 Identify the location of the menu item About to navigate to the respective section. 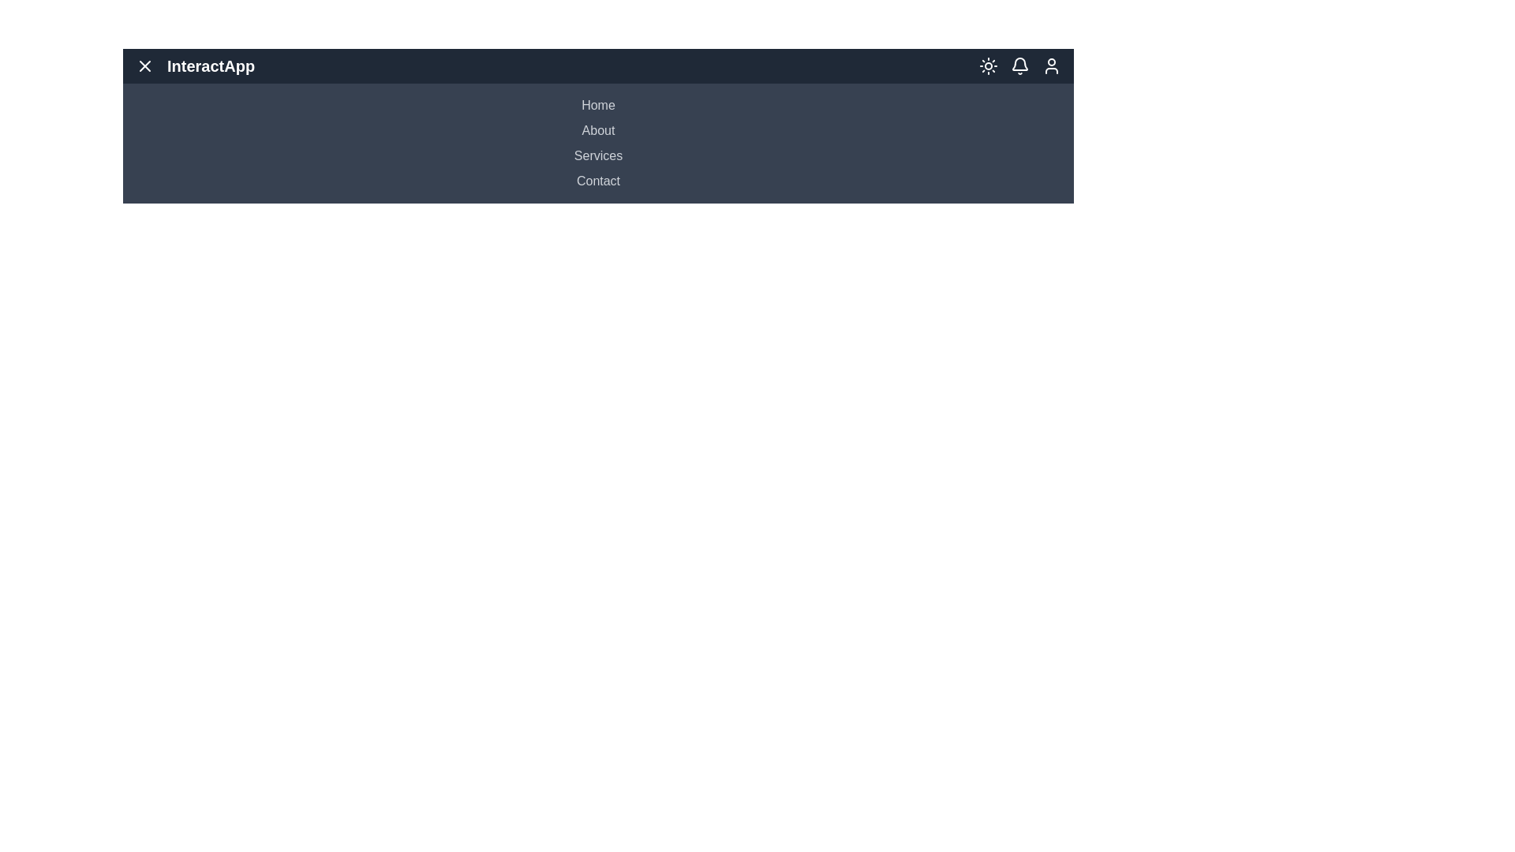
(597, 129).